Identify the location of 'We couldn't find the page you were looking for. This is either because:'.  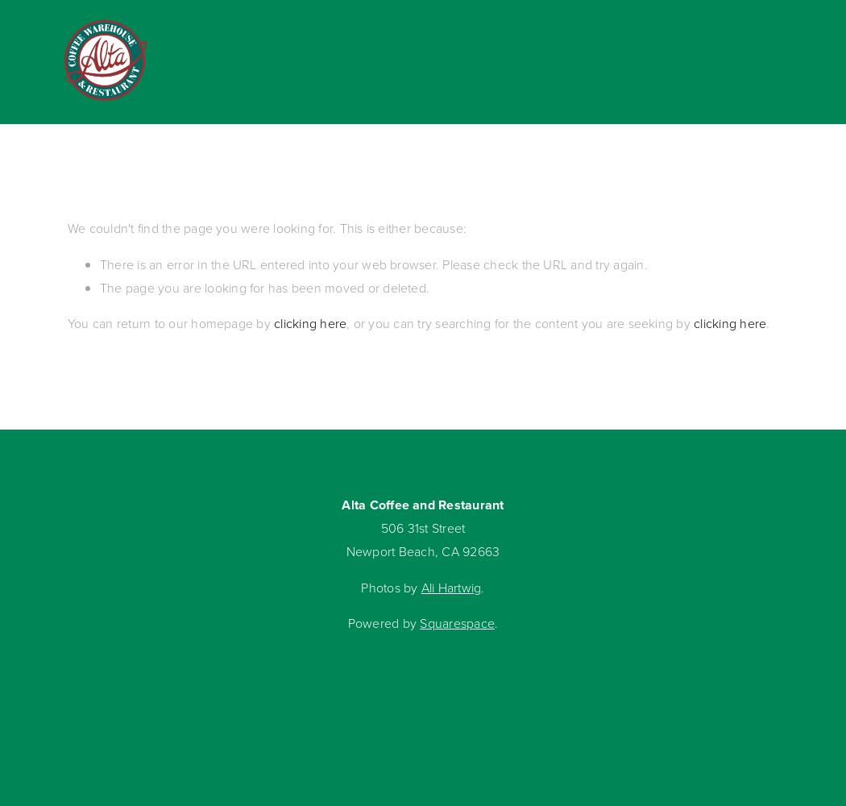
(267, 228).